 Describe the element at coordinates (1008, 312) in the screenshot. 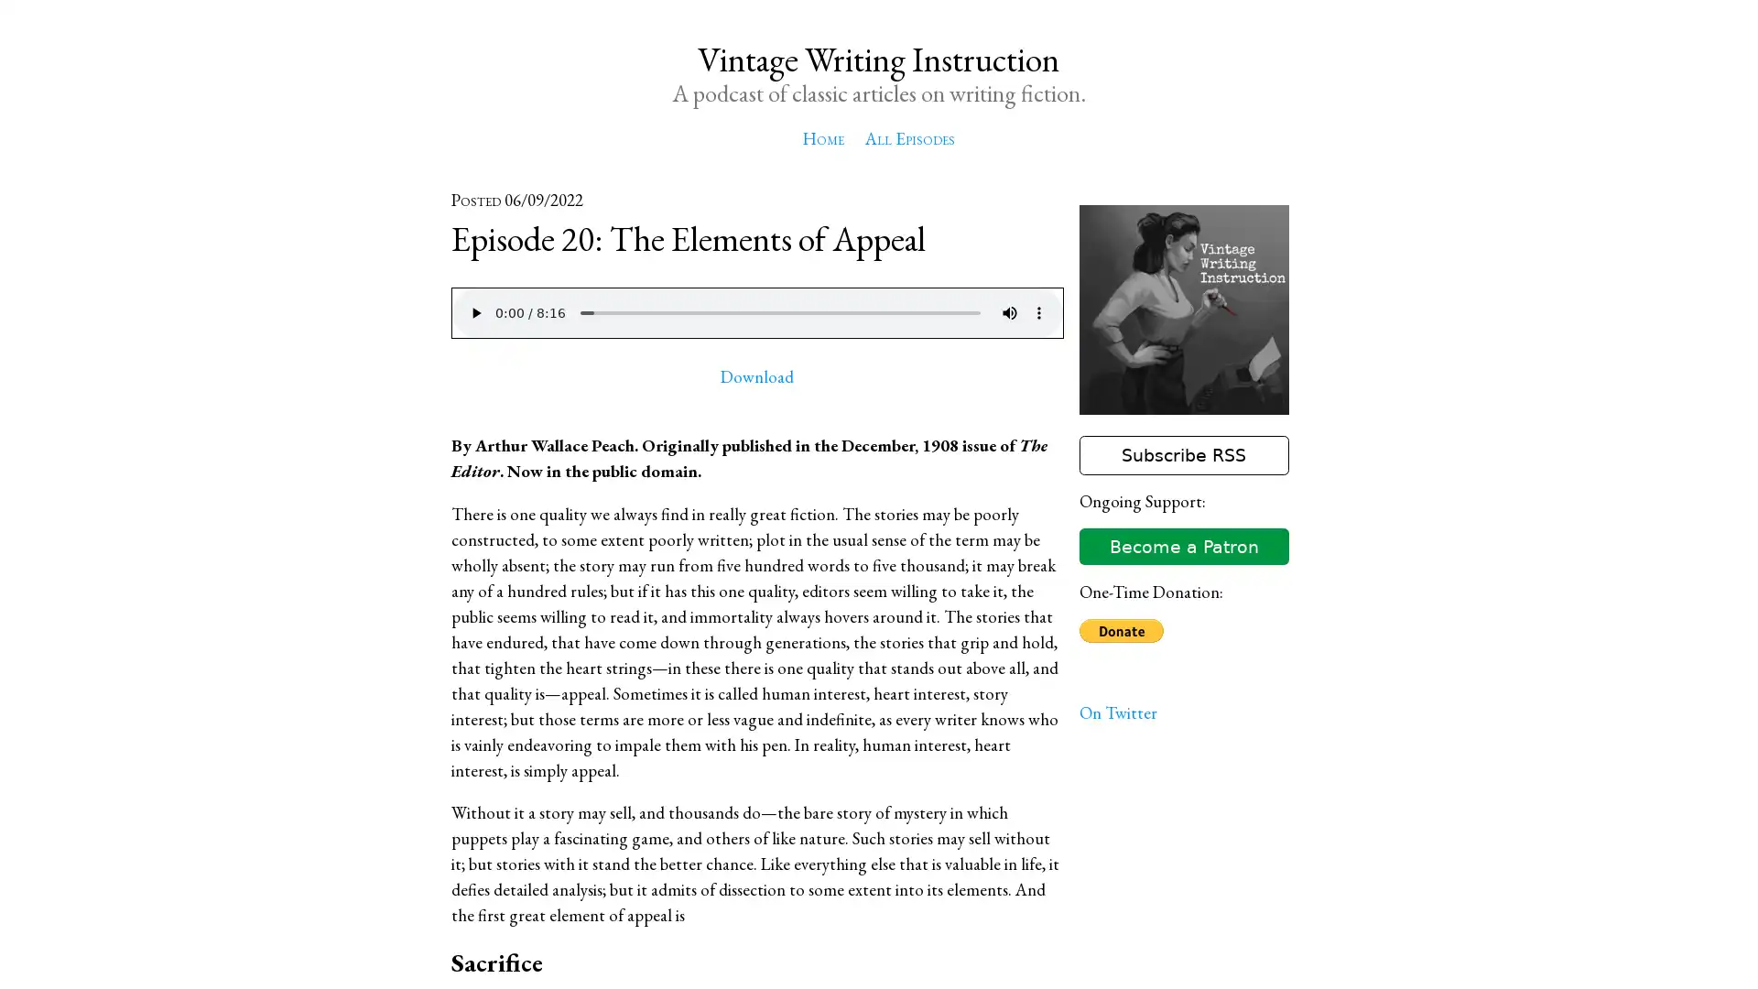

I see `mute` at that location.